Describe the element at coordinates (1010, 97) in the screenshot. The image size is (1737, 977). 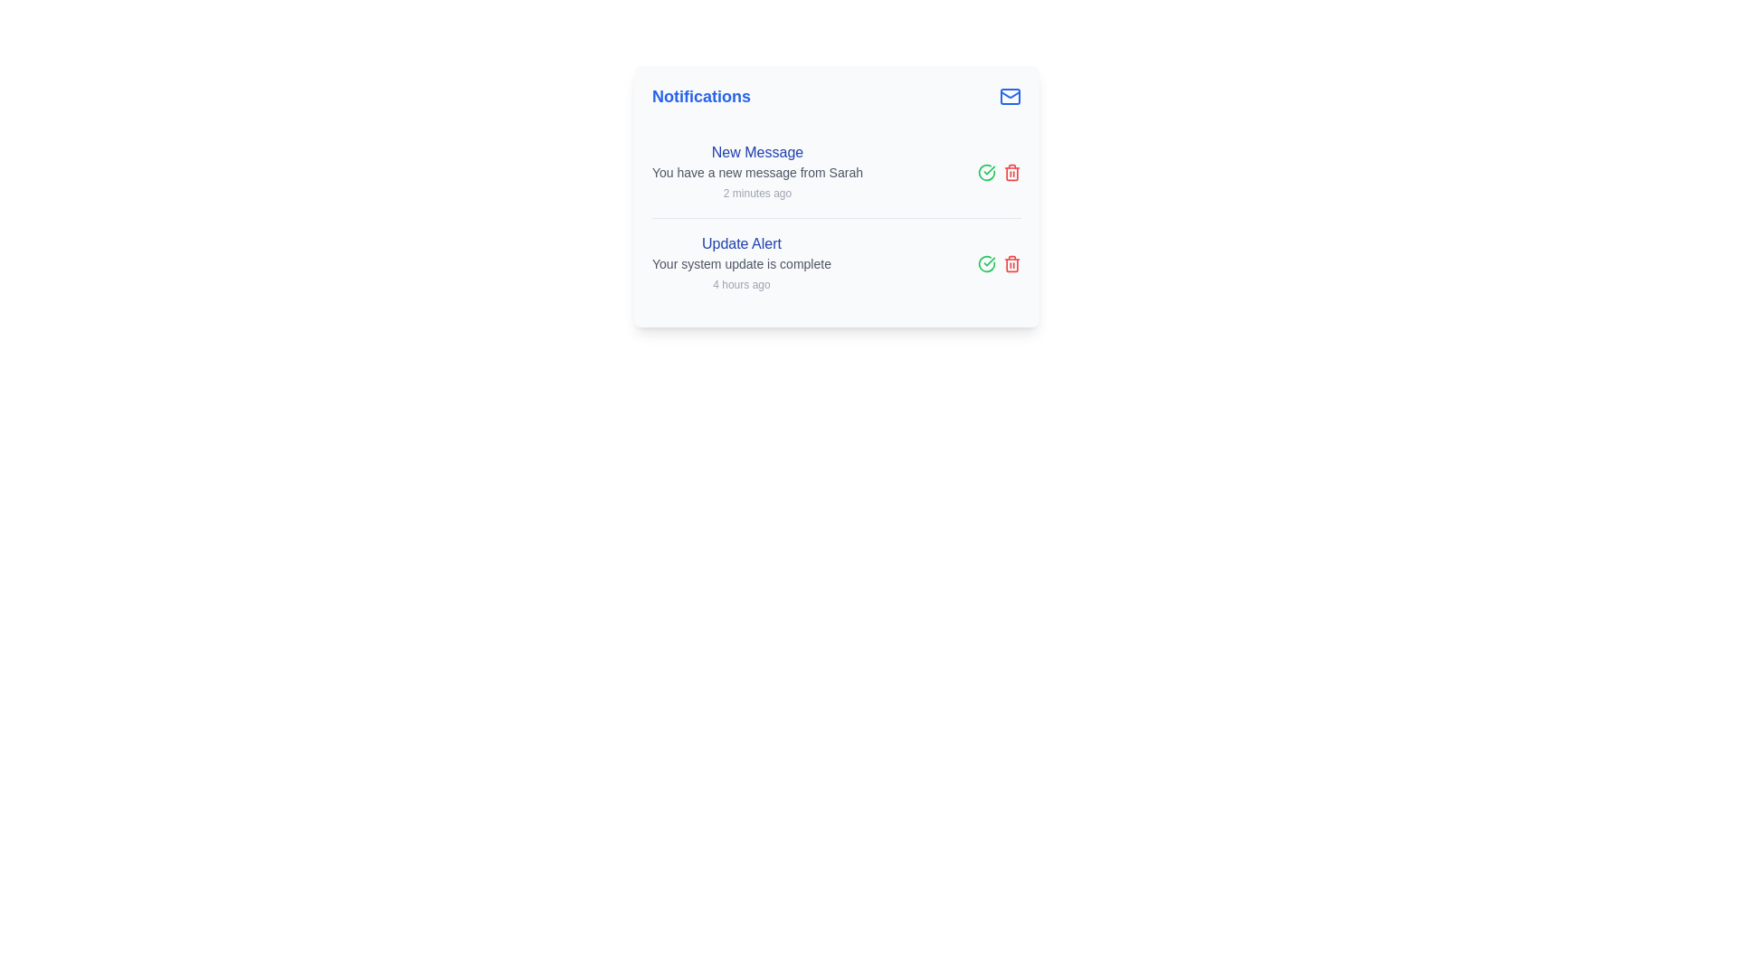
I see `the rectangular SVG shape representing the envelope of the mail icon, which is part of the email or notification icon located in the top-right corner of the notification card` at that location.